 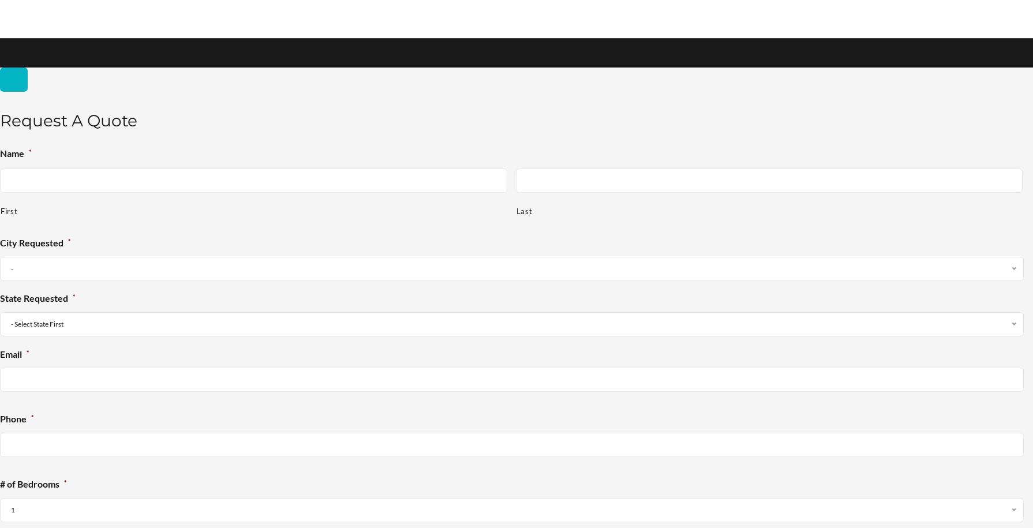 What do you see at coordinates (10, 354) in the screenshot?
I see `'Email'` at bounding box center [10, 354].